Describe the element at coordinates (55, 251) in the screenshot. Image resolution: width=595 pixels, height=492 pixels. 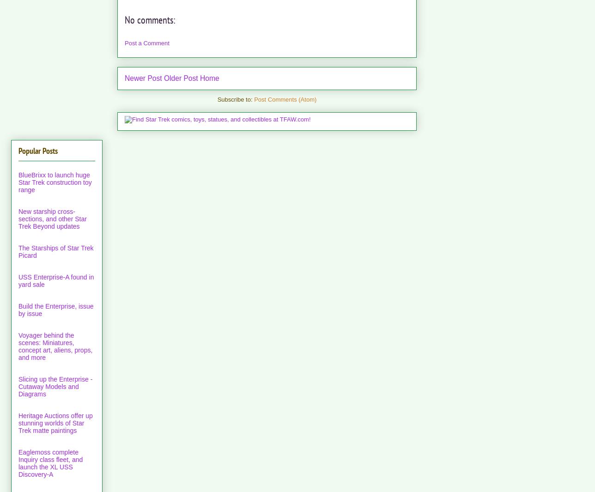
I see `'The Starships of Star Trek Picard'` at that location.